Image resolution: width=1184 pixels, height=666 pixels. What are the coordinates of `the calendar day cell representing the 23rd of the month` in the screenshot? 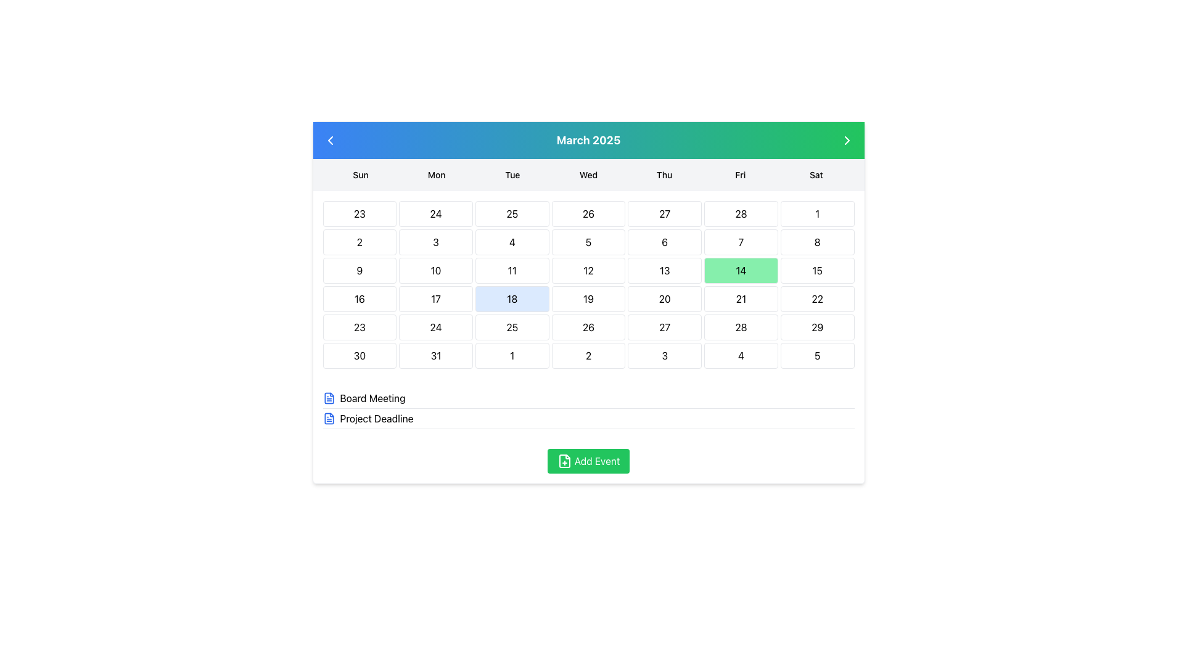 It's located at (359, 327).